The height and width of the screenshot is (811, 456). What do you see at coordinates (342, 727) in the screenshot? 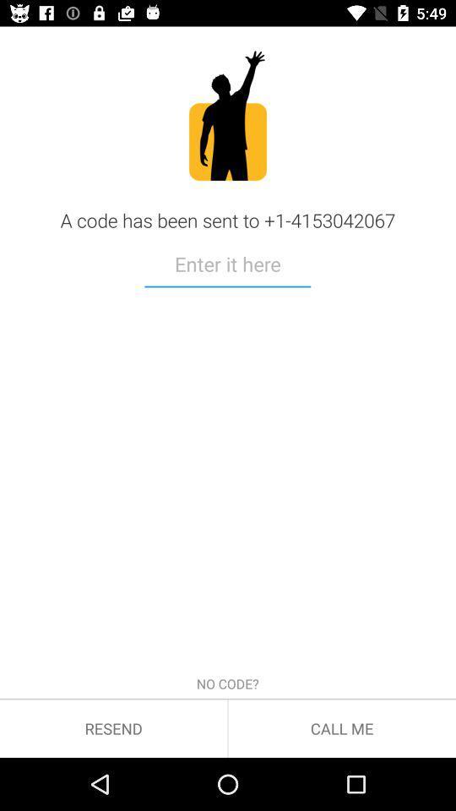
I see `the call me` at bounding box center [342, 727].